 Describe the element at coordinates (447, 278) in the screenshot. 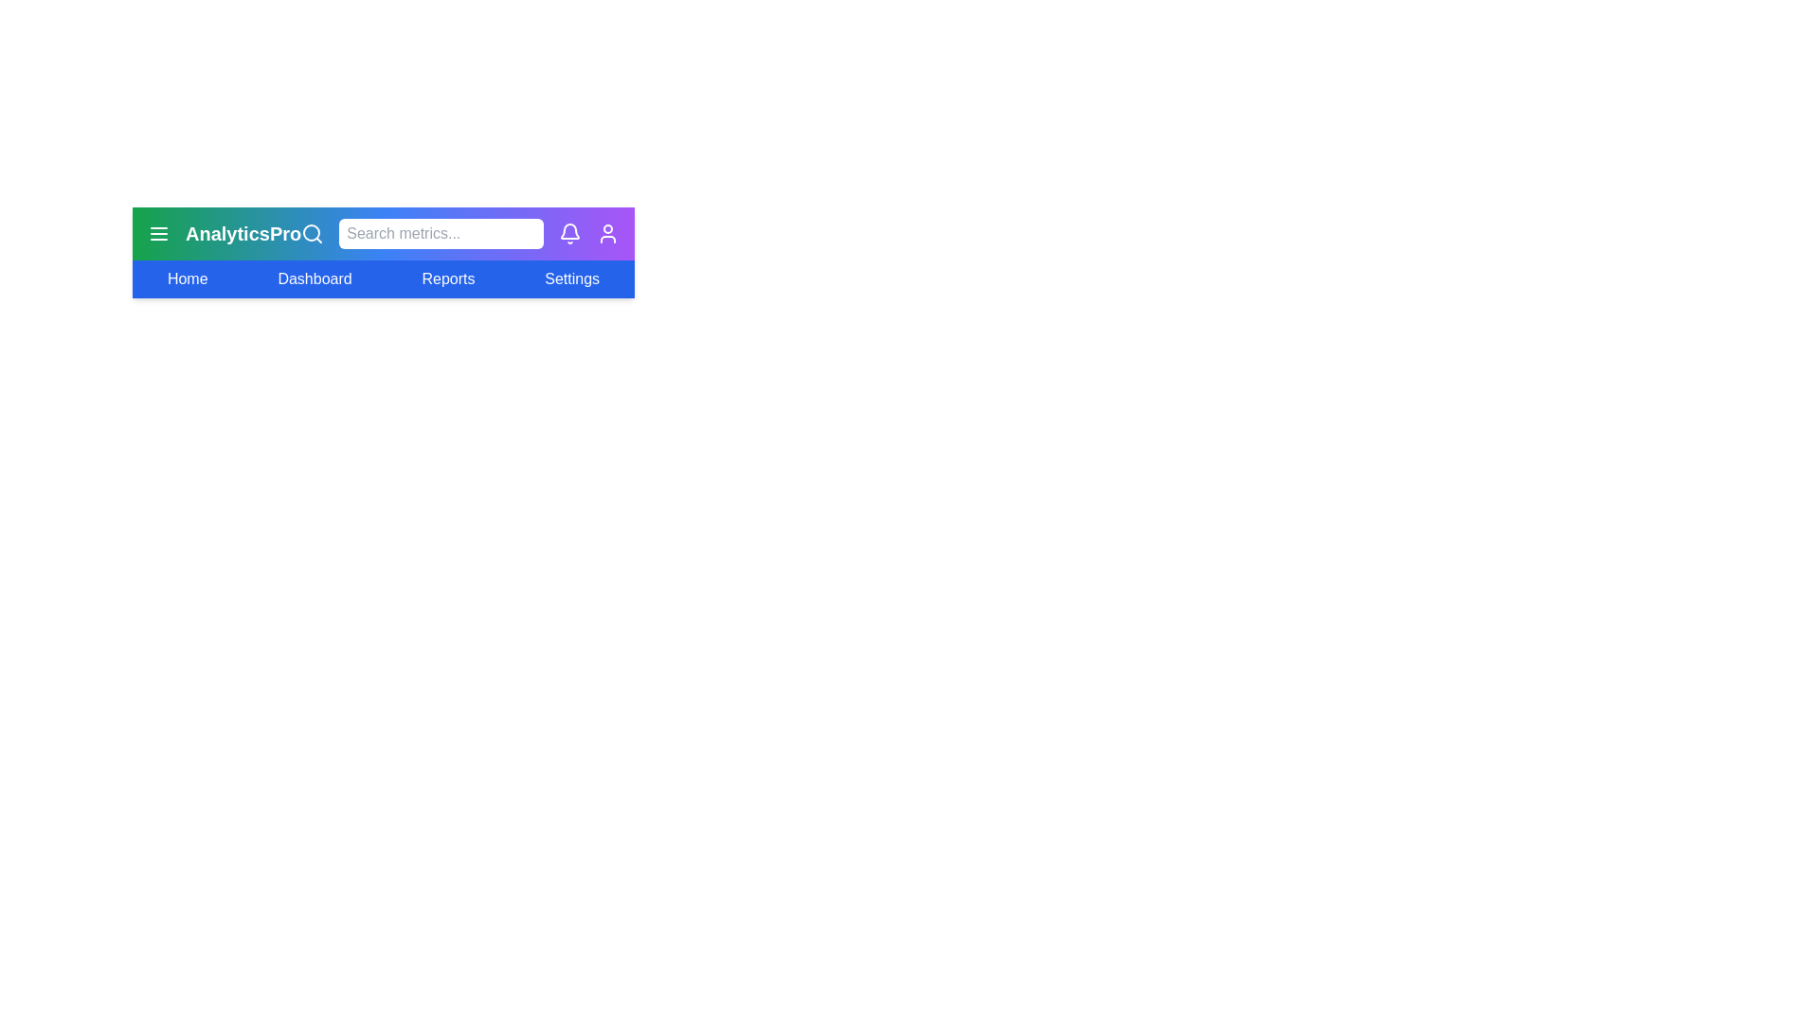

I see `the menu option labeled Reports to select it` at that location.